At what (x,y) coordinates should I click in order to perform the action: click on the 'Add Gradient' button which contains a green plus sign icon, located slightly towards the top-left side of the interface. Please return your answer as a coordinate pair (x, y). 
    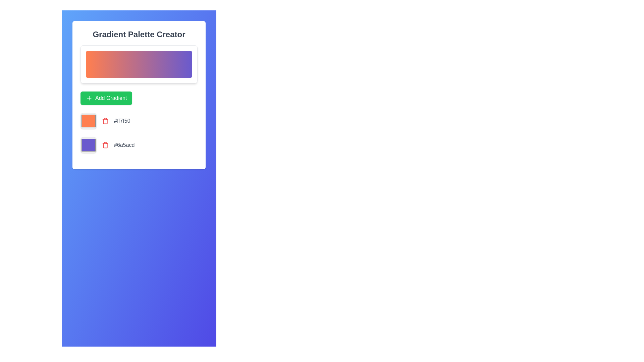
    Looking at the image, I should click on (89, 98).